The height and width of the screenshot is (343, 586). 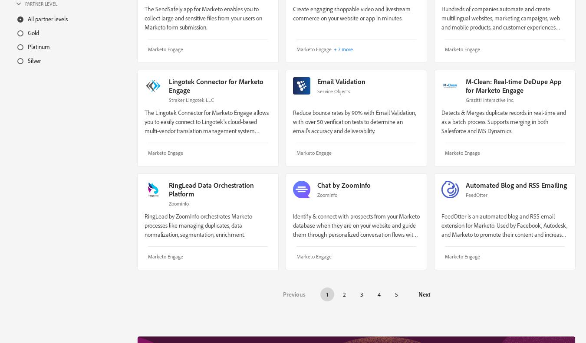 I want to click on 'Previous', so click(x=293, y=294).